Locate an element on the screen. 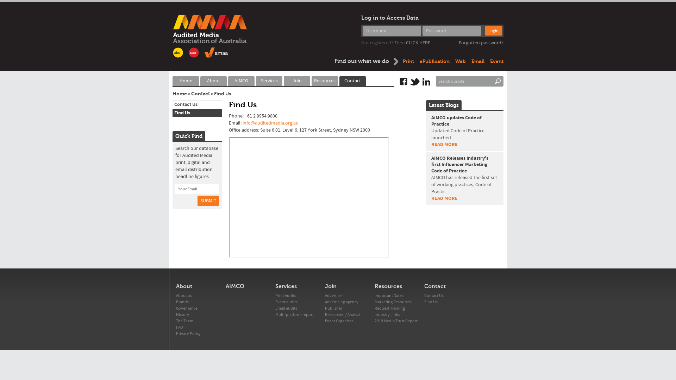 The image size is (676, 380). 'SUBMIT' is located at coordinates (208, 201).